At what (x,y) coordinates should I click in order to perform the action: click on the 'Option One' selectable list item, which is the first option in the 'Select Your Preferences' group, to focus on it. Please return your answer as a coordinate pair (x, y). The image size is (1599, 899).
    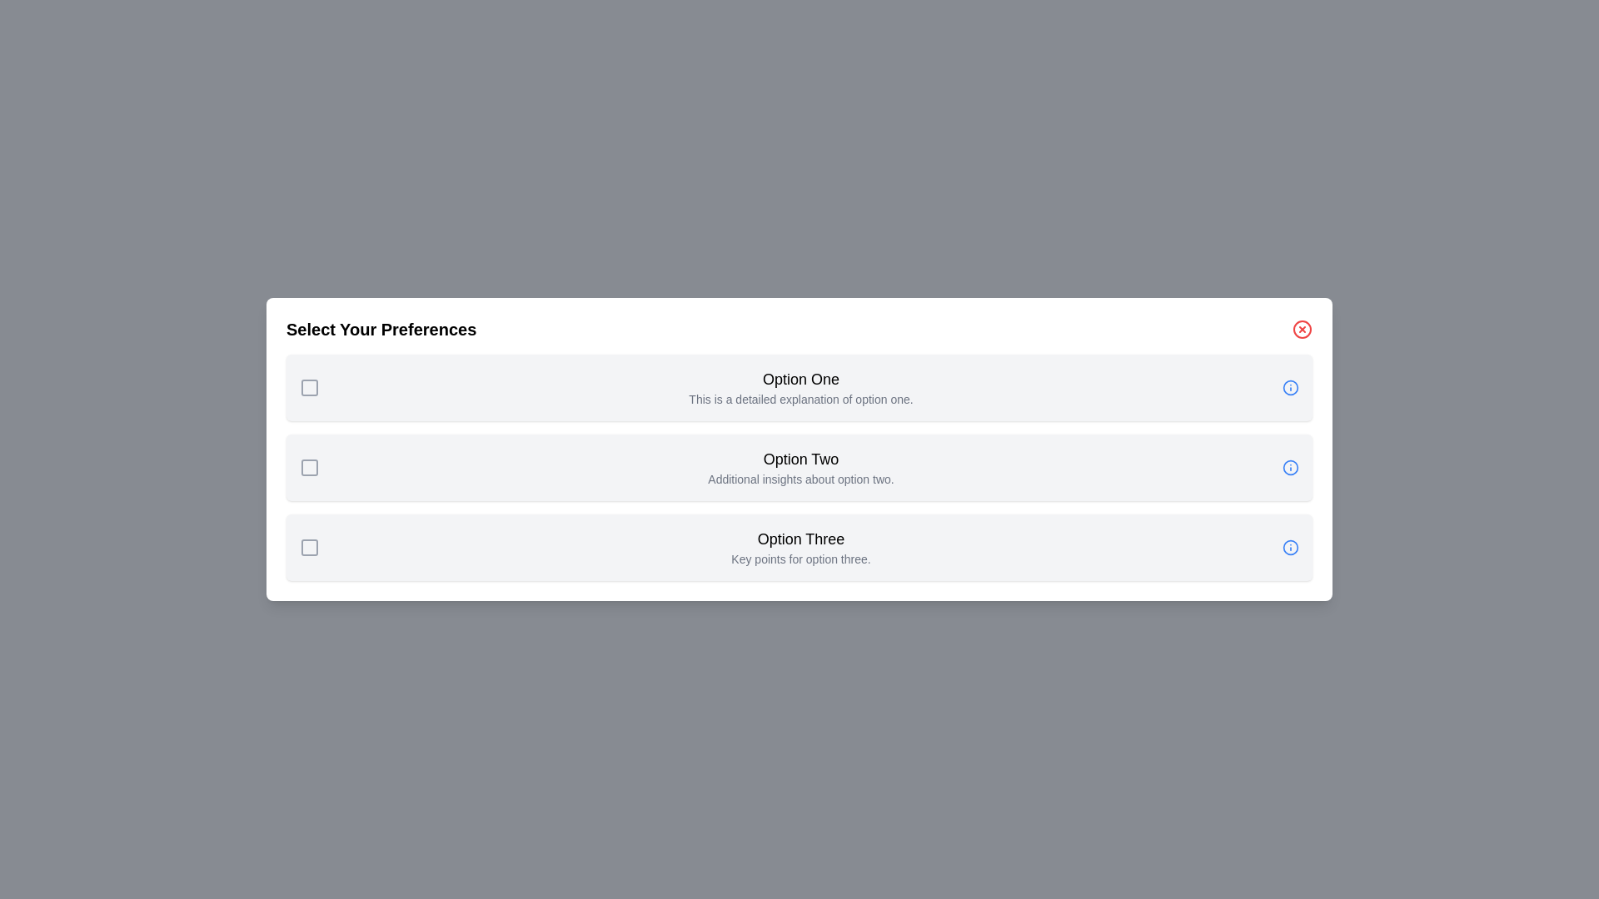
    Looking at the image, I should click on (799, 388).